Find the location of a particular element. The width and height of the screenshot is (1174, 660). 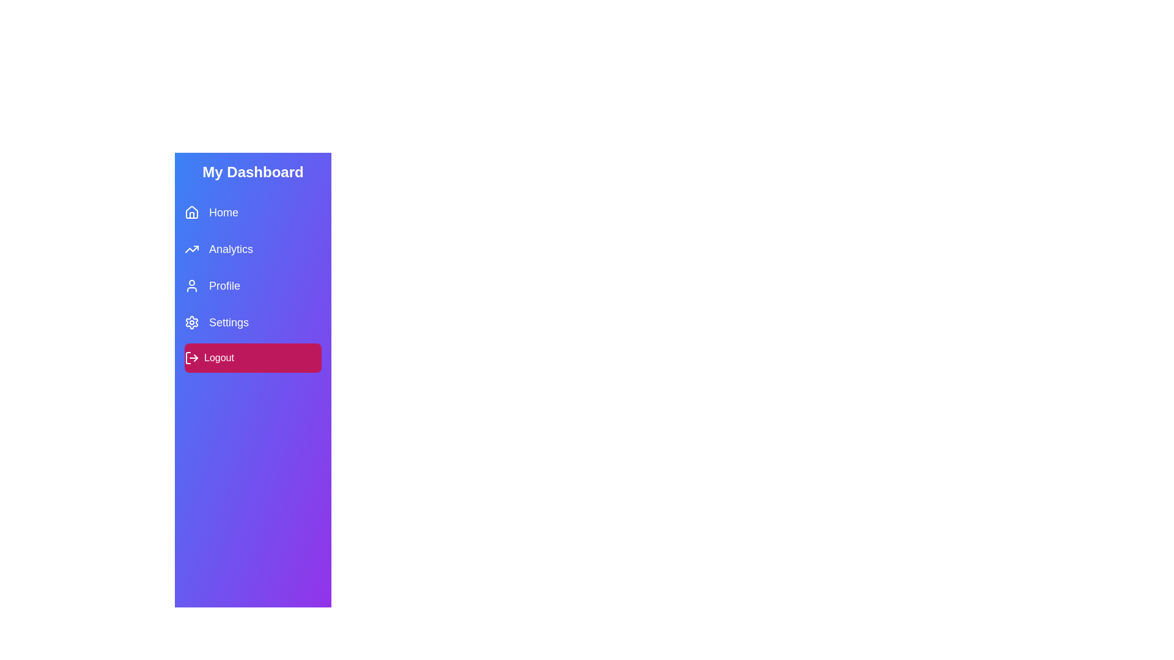

the decorative line within the logout icon, which is positioned towards the leftmost side of the logout button is located at coordinates (187, 358).